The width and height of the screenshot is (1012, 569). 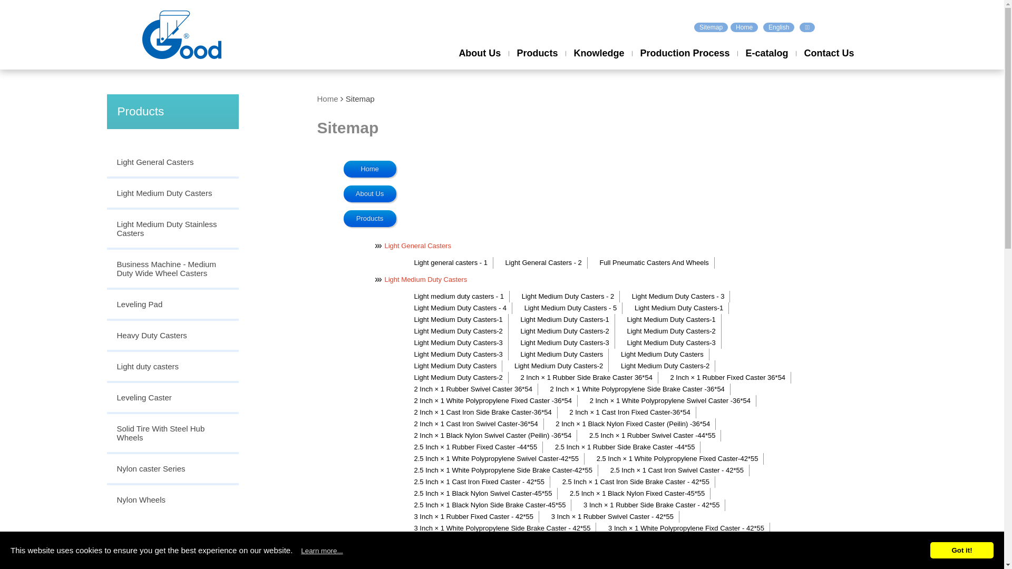 What do you see at coordinates (106, 194) in the screenshot?
I see `'Light Medium Duty Casters'` at bounding box center [106, 194].